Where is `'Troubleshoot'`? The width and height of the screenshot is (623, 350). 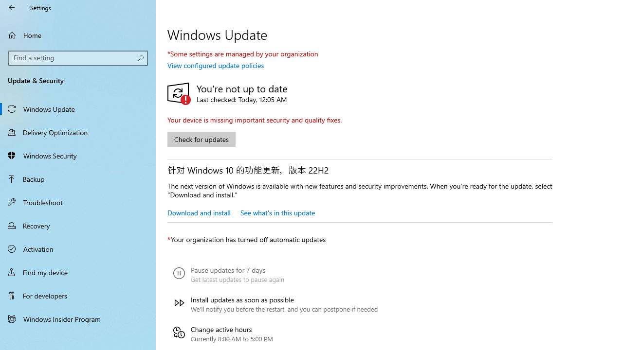
'Troubleshoot' is located at coordinates (78, 201).